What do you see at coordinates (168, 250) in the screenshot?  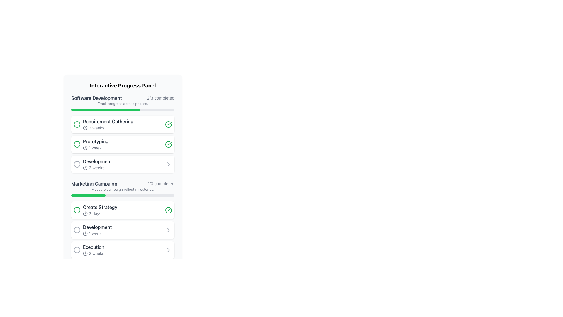 I see `the right-pointing arrow icon styled with a gray stroke located at the far right side of the 'Execution 2 weeks' entry` at bounding box center [168, 250].